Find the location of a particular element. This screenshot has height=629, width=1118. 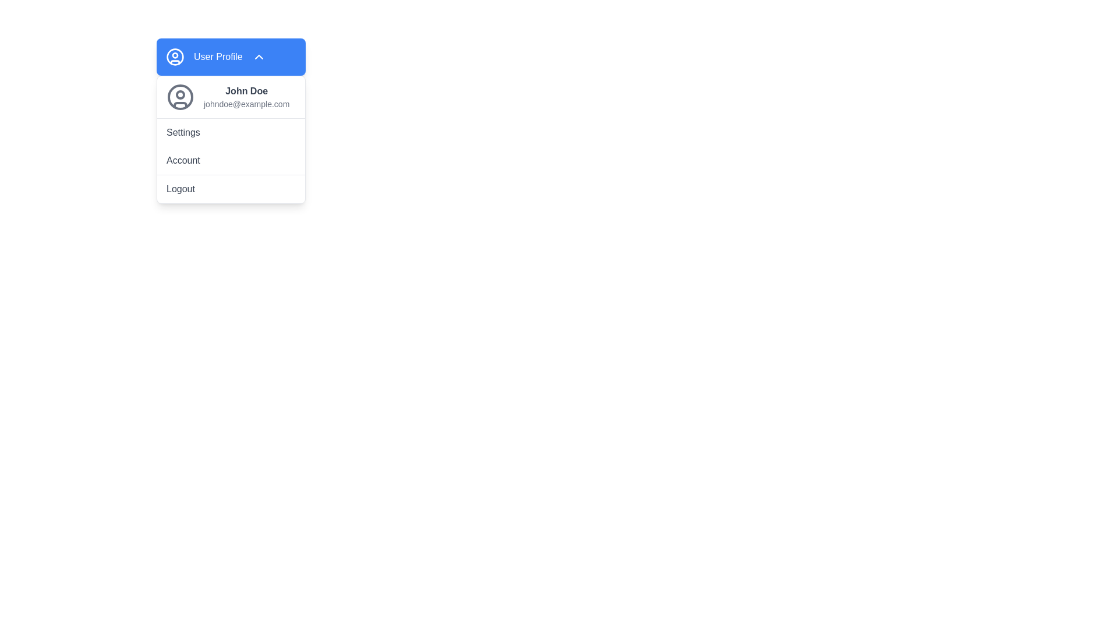

an option in the dropdown menu located below the 'User Profile' section is located at coordinates (231, 139).